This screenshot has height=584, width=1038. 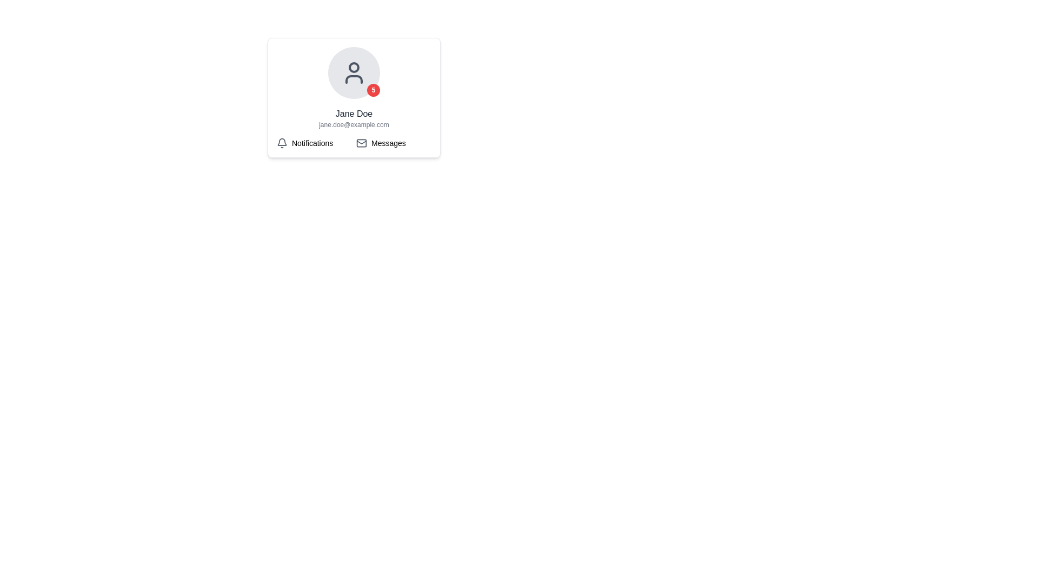 What do you see at coordinates (354, 67) in the screenshot?
I see `smaller decorative circle within the user profile icon, located at the top section of the user profile card above the name and email information` at bounding box center [354, 67].